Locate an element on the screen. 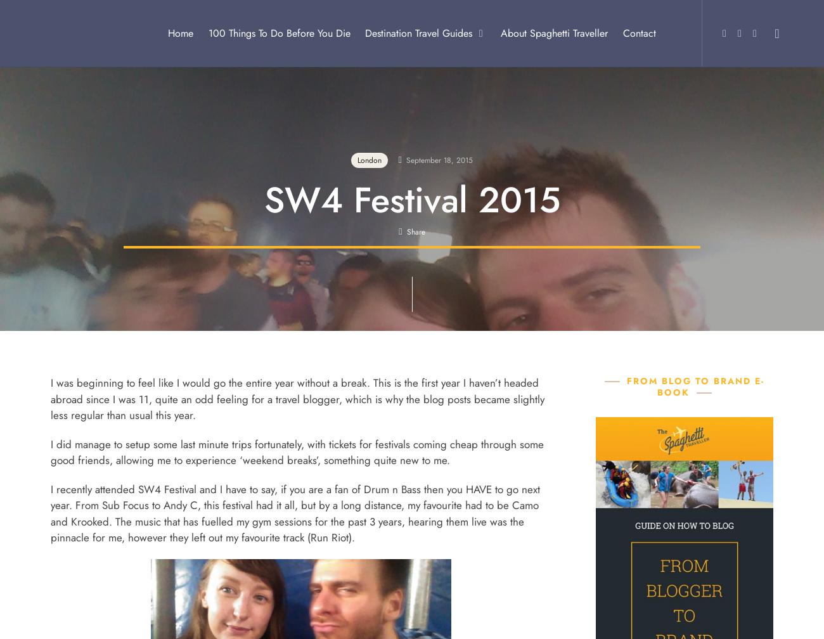 The height and width of the screenshot is (639, 824). 'Finland' is located at coordinates (333, 498).